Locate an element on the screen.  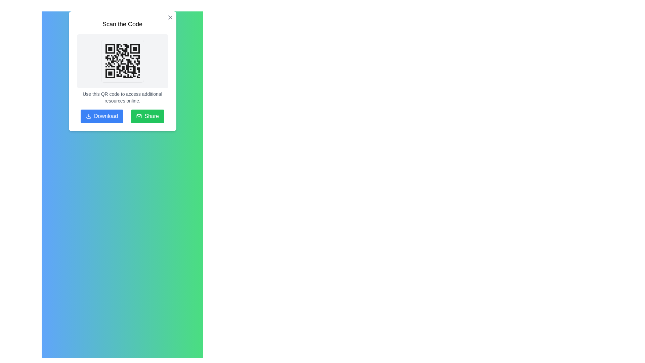
the close button located at the top-right corner of the QR code card labeled 'Scan the Code' to visualize hover effects is located at coordinates (170, 17).